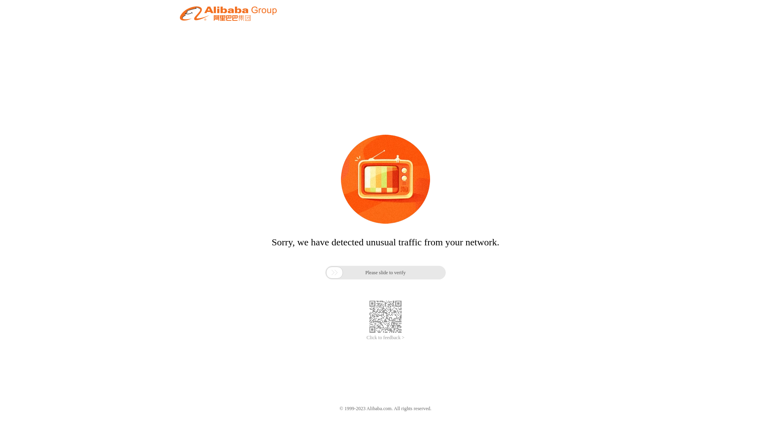 The width and height of the screenshot is (771, 433). What do you see at coordinates (385, 338) in the screenshot?
I see `'Click to feedback >'` at bounding box center [385, 338].